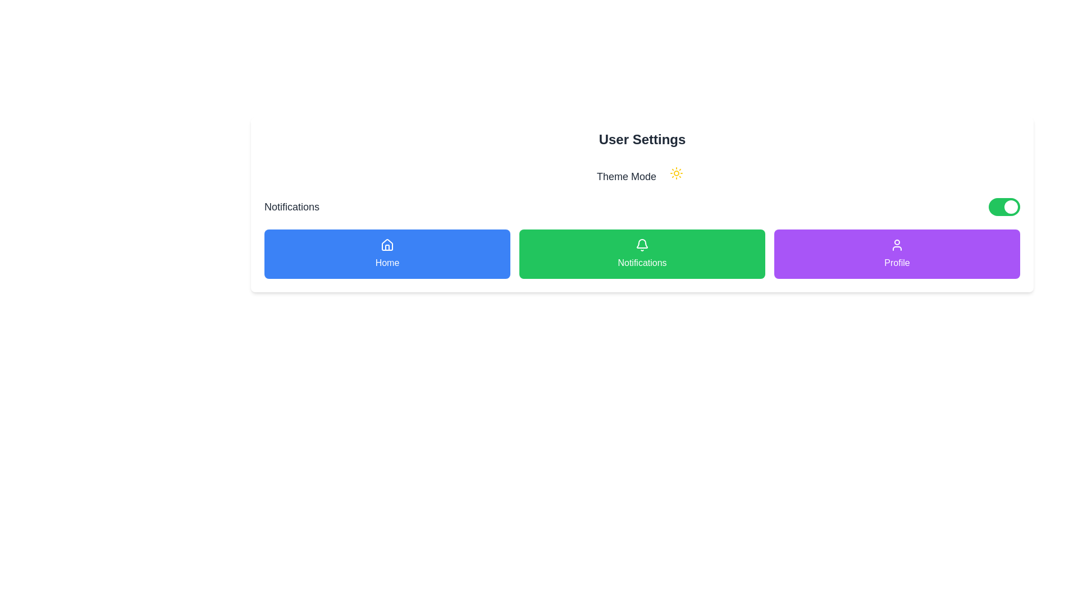 The width and height of the screenshot is (1078, 606). What do you see at coordinates (387, 254) in the screenshot?
I see `the 'Home' button, which is a rectangular button with a blue background and white text, located beneath the 'User Settings' section and to the left of the 'Notifications' button` at bounding box center [387, 254].